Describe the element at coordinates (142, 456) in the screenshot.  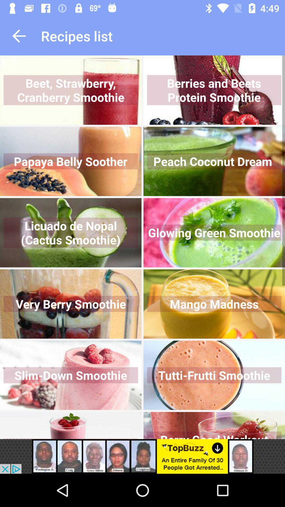
I see `adverstisment` at that location.